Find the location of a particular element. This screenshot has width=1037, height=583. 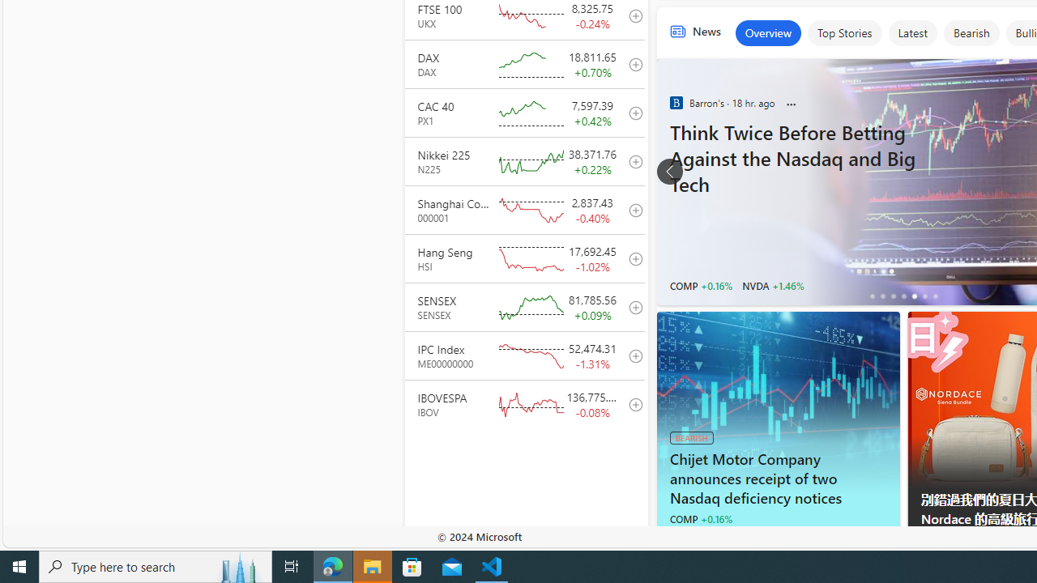

'Bearish' is located at coordinates (971, 33).